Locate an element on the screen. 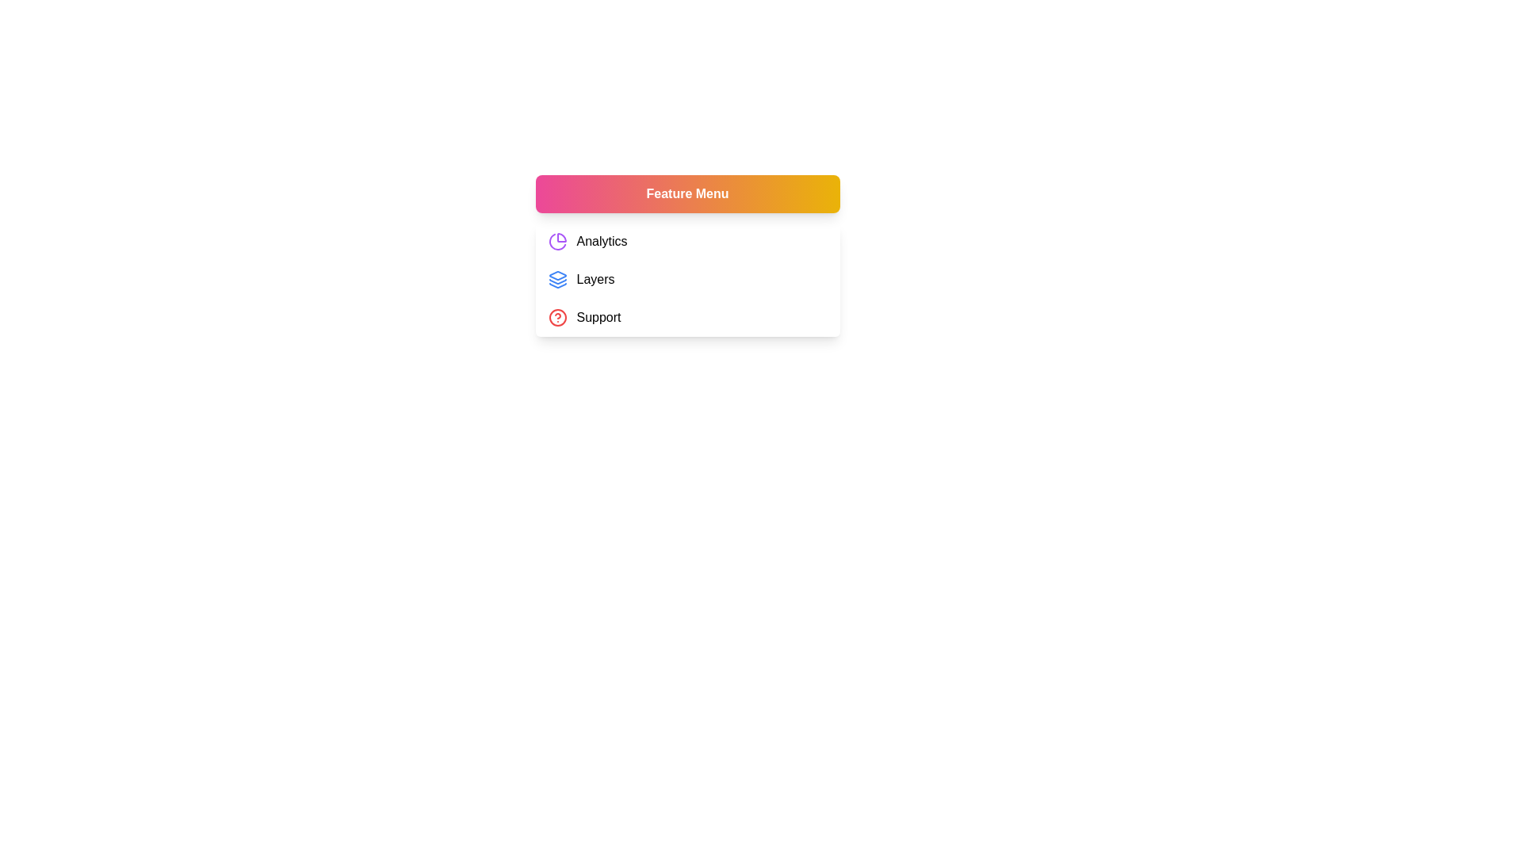  the 'Layers' option in the menu is located at coordinates (687, 279).